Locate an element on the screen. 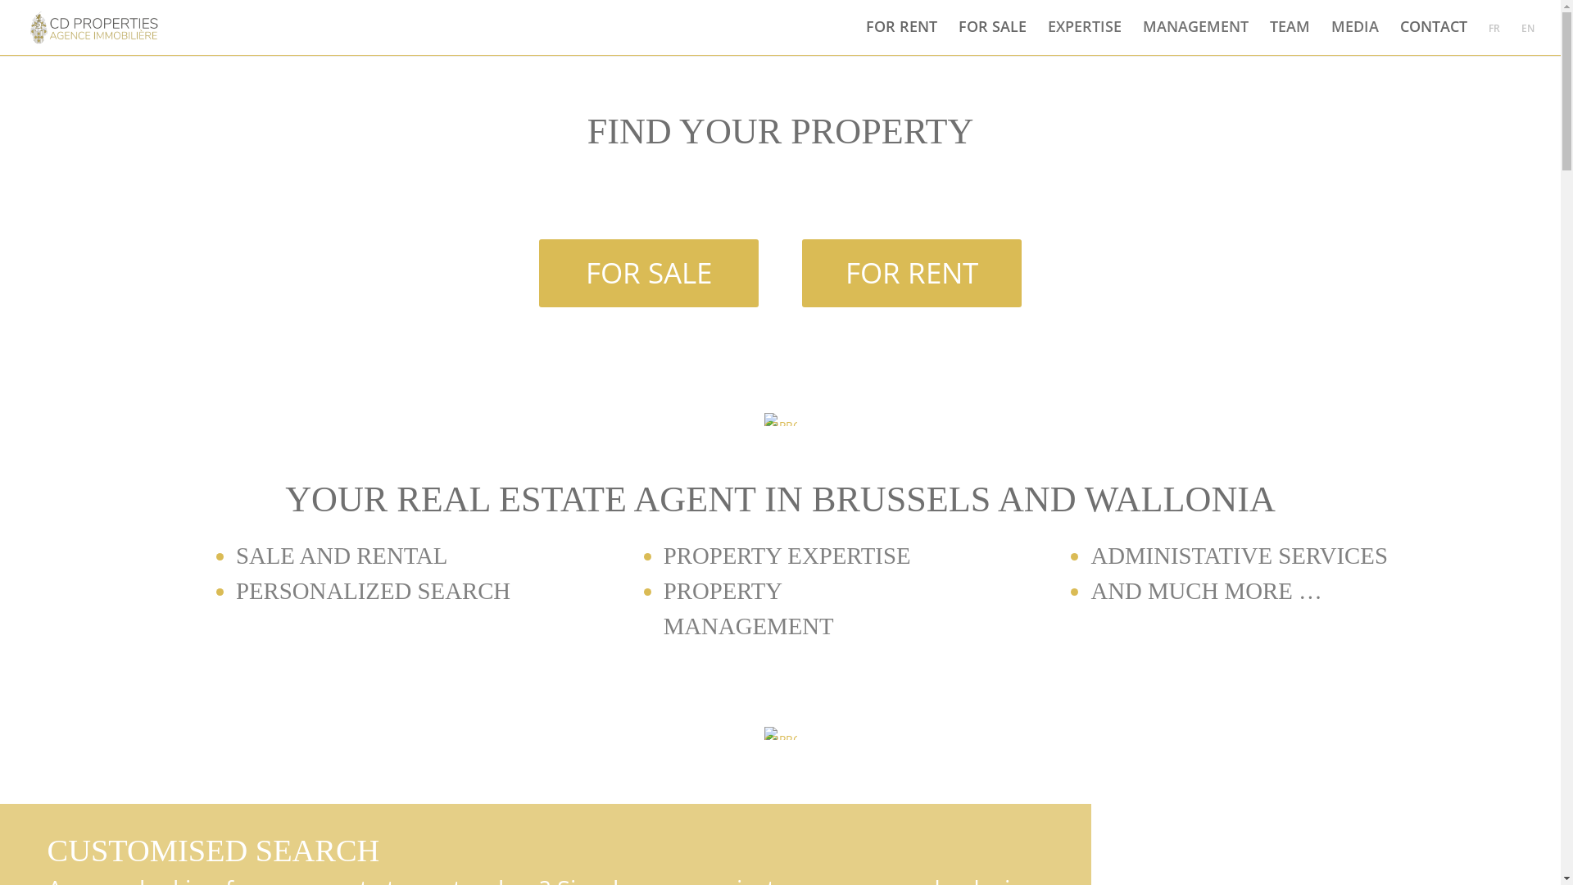 The width and height of the screenshot is (1573, 885). 'CONTACT' is located at coordinates (1433, 36).